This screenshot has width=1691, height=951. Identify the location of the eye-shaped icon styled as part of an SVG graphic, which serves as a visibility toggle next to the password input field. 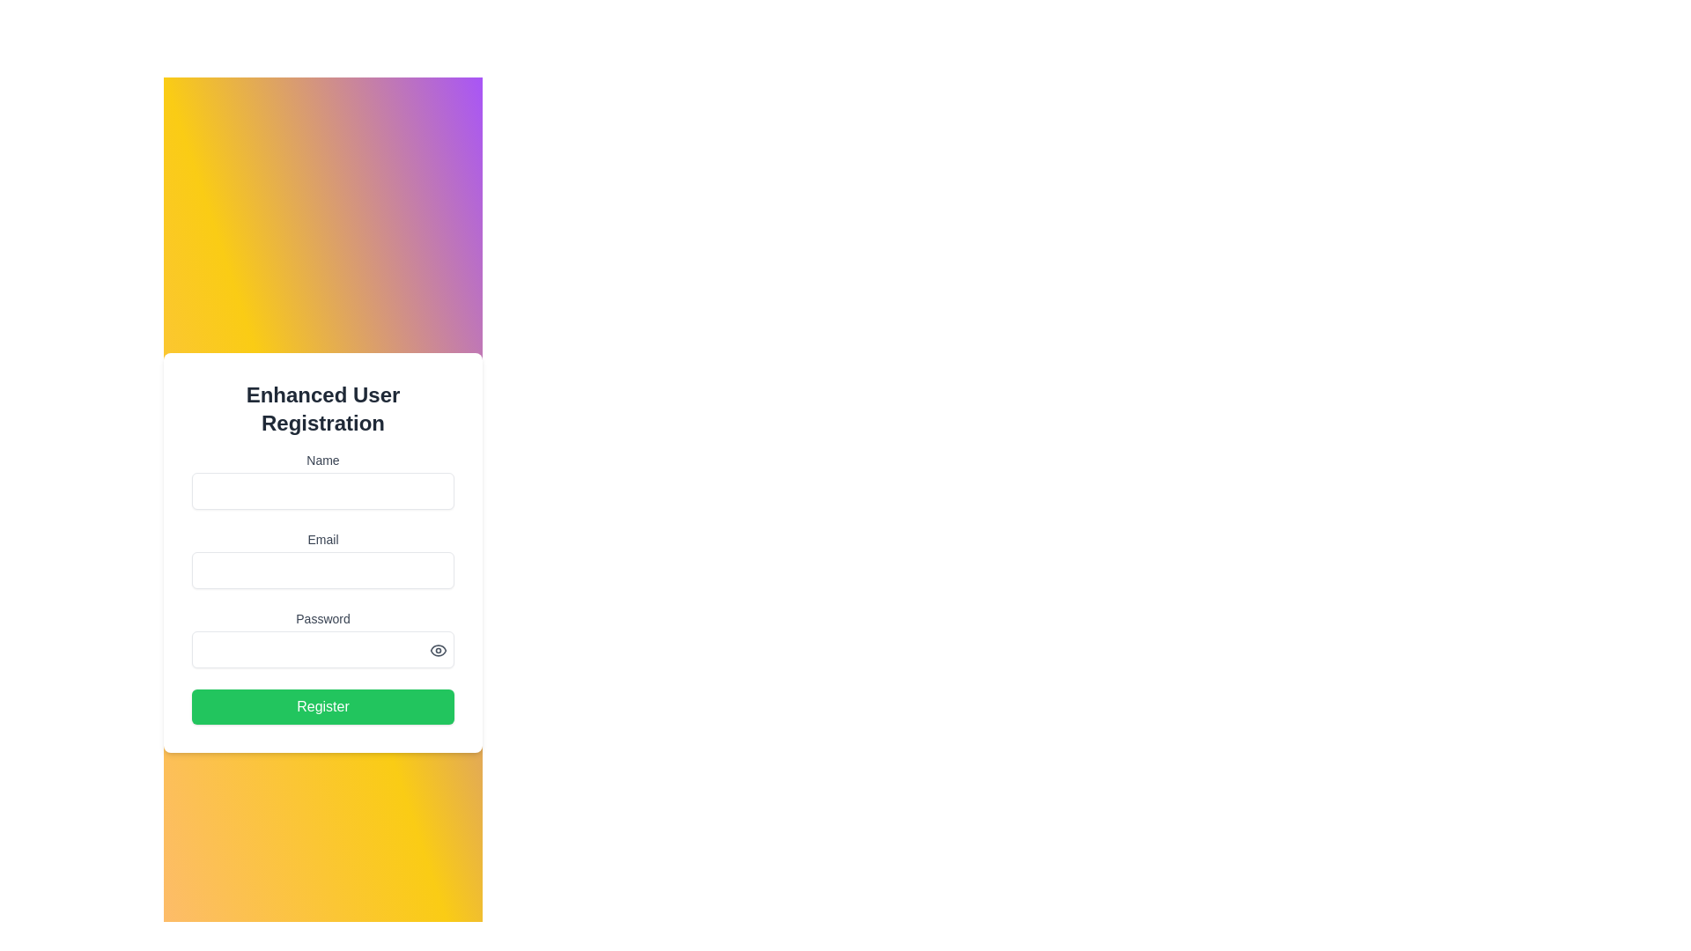
(439, 651).